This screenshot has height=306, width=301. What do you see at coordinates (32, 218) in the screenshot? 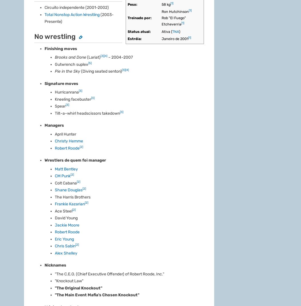
I see `'Anuncie'` at bounding box center [32, 218].